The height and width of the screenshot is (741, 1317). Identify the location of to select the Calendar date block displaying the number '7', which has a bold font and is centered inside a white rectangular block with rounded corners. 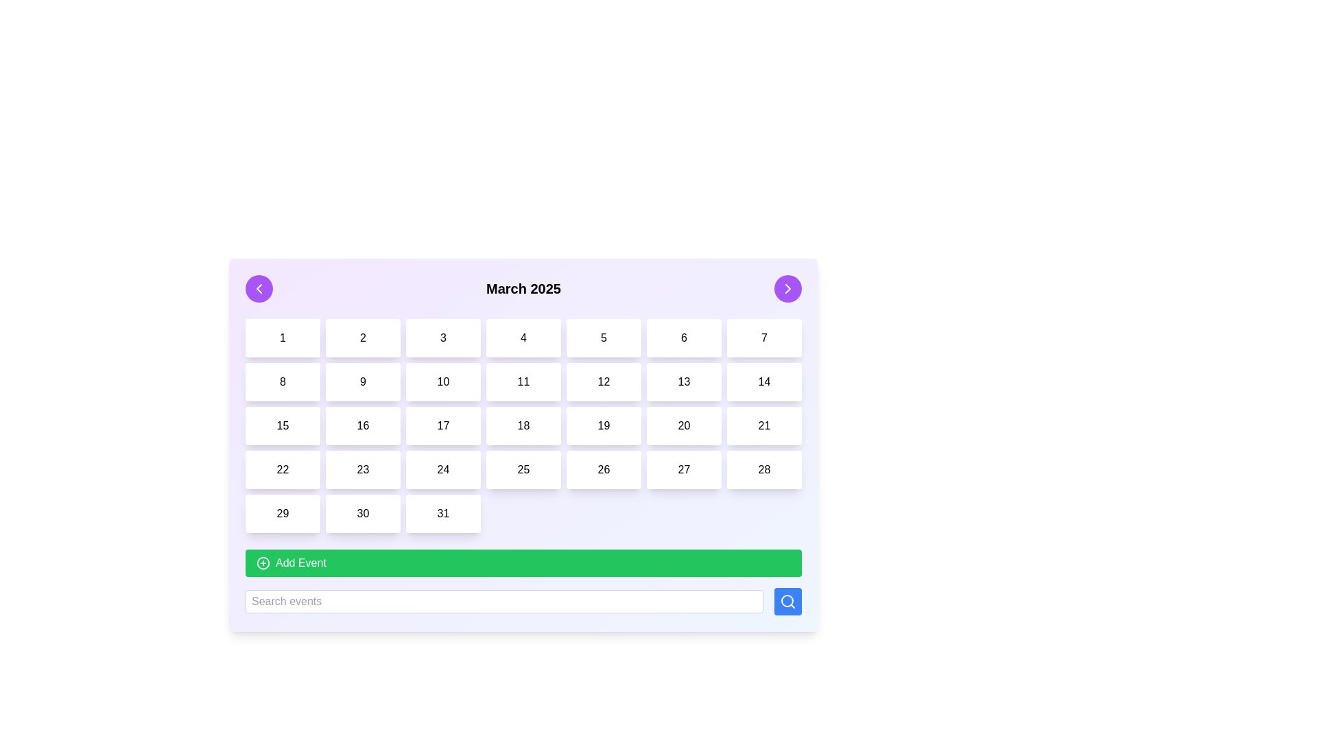
(763, 338).